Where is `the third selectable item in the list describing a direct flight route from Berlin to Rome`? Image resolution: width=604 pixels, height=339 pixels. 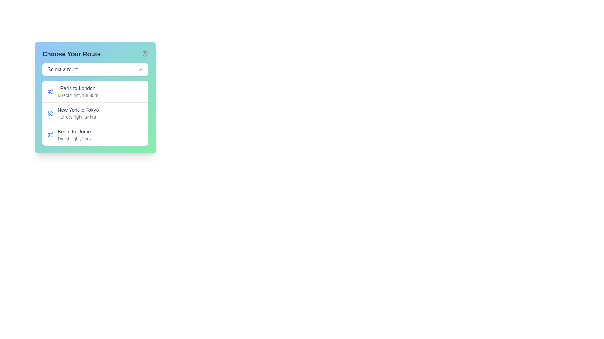
the third selectable item in the list describing a direct flight route from Berlin to Rome is located at coordinates (69, 134).